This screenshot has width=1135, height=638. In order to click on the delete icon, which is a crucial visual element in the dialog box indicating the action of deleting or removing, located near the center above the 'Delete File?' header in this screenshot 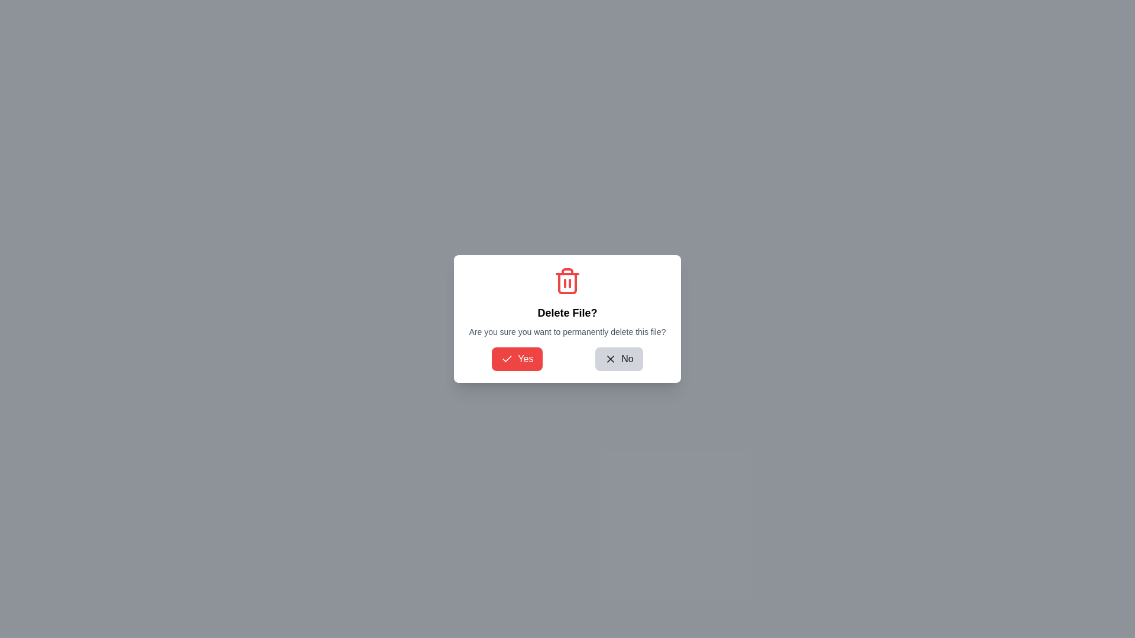, I will do `click(567, 281)`.